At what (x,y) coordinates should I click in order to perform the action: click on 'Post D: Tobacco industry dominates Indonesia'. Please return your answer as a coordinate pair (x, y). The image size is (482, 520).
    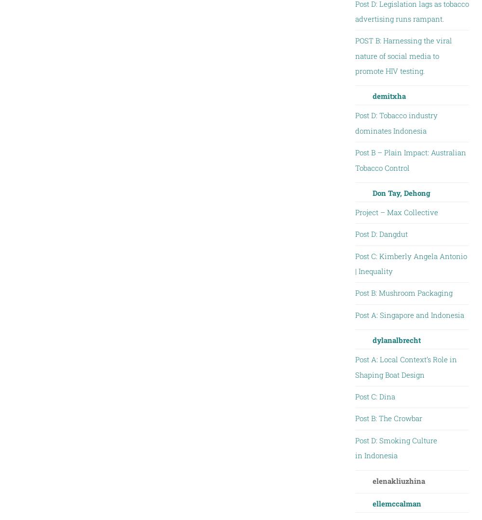
    Looking at the image, I should click on (395, 122).